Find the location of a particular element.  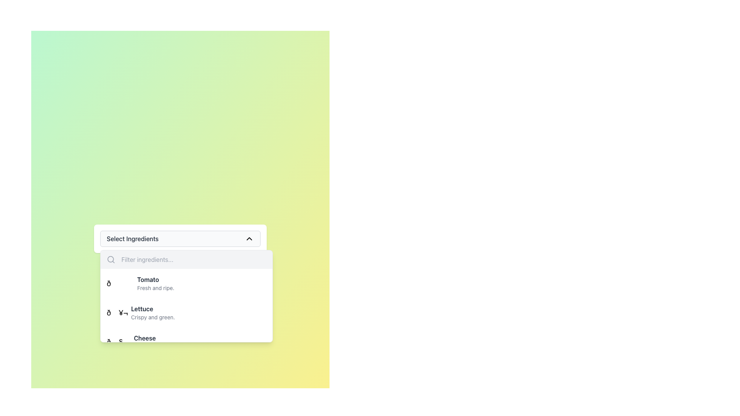

the second list item in the dropdown menu labeled 'Lettuce' is located at coordinates (187, 327).